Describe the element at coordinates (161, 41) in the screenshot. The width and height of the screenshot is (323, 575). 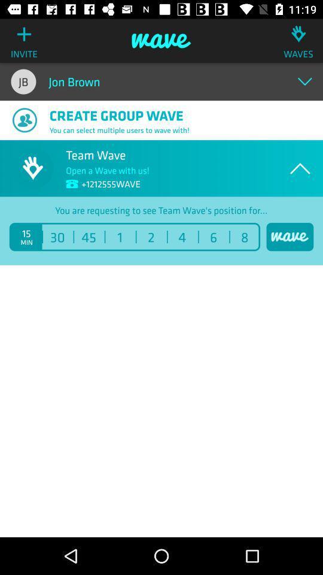
I see `item above jon brown item` at that location.